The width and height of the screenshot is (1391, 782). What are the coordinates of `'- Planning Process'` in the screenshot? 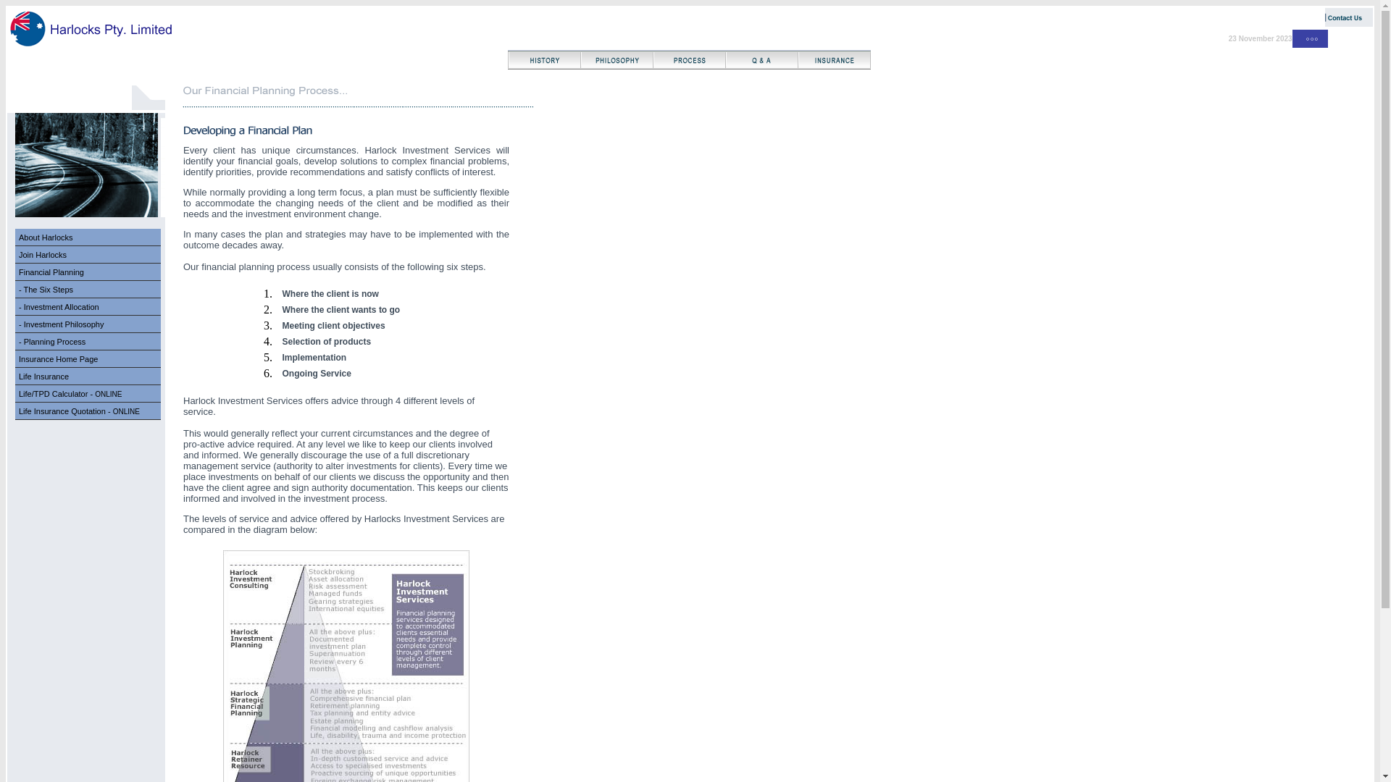 It's located at (87, 341).